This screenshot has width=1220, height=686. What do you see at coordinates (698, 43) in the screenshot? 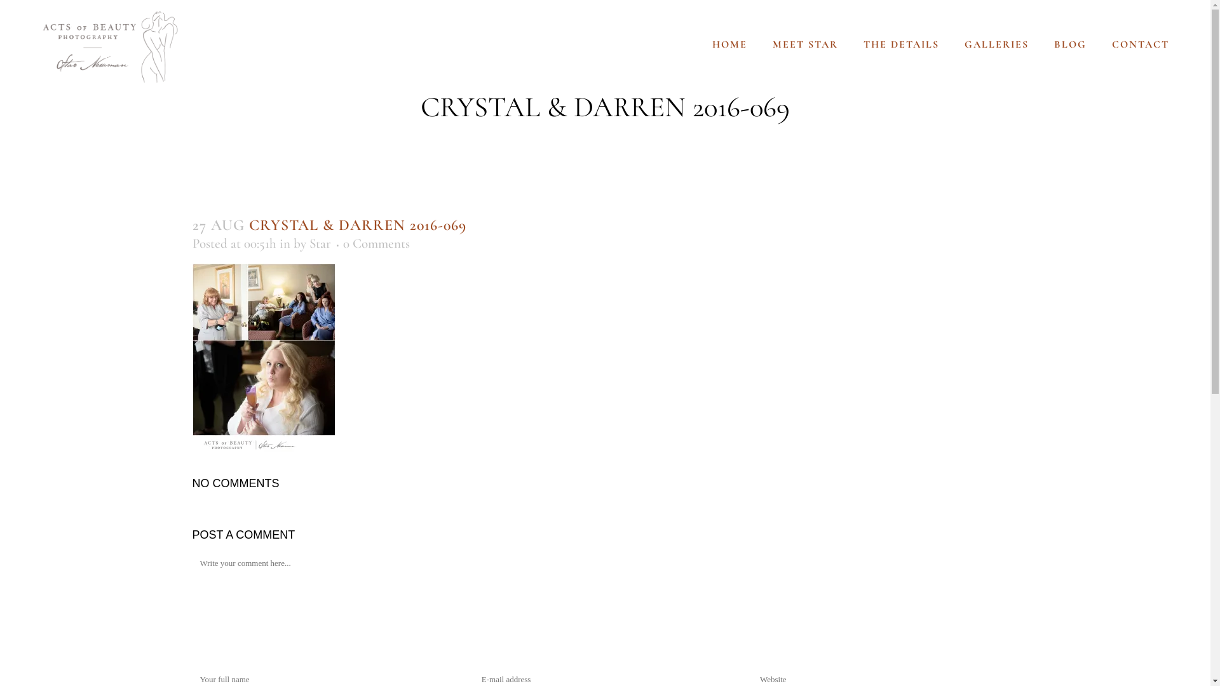
I see `'HOME'` at bounding box center [698, 43].